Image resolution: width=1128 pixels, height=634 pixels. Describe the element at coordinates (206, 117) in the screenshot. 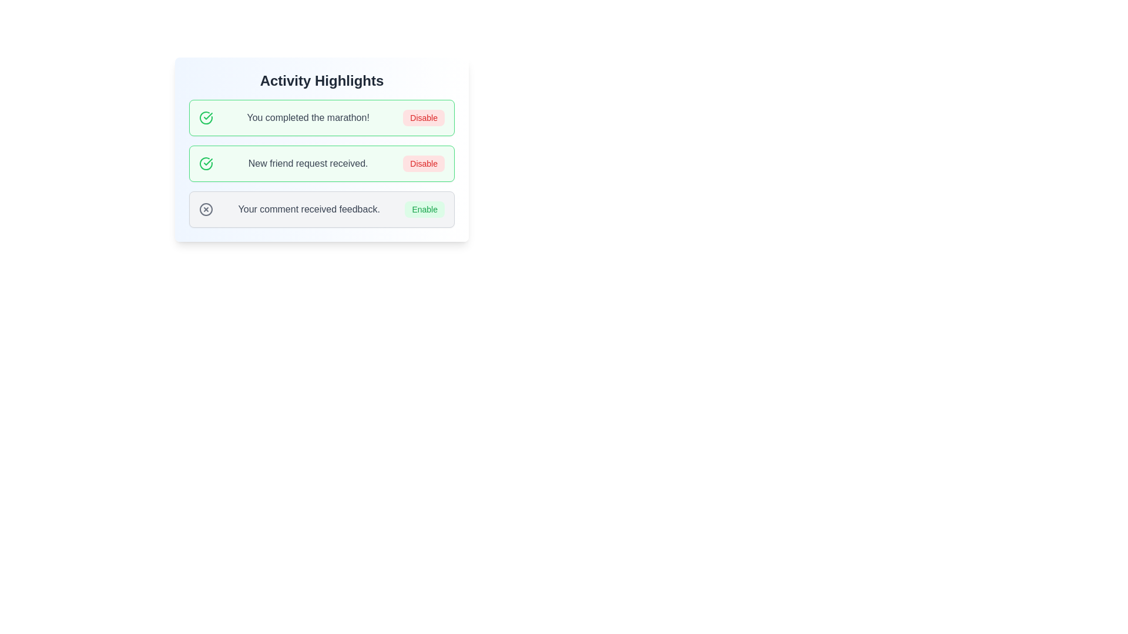

I see `the circular green outlined icon with a check mark, which is located at the leftmost position of its row under the text 'You completed the marathon!'` at that location.